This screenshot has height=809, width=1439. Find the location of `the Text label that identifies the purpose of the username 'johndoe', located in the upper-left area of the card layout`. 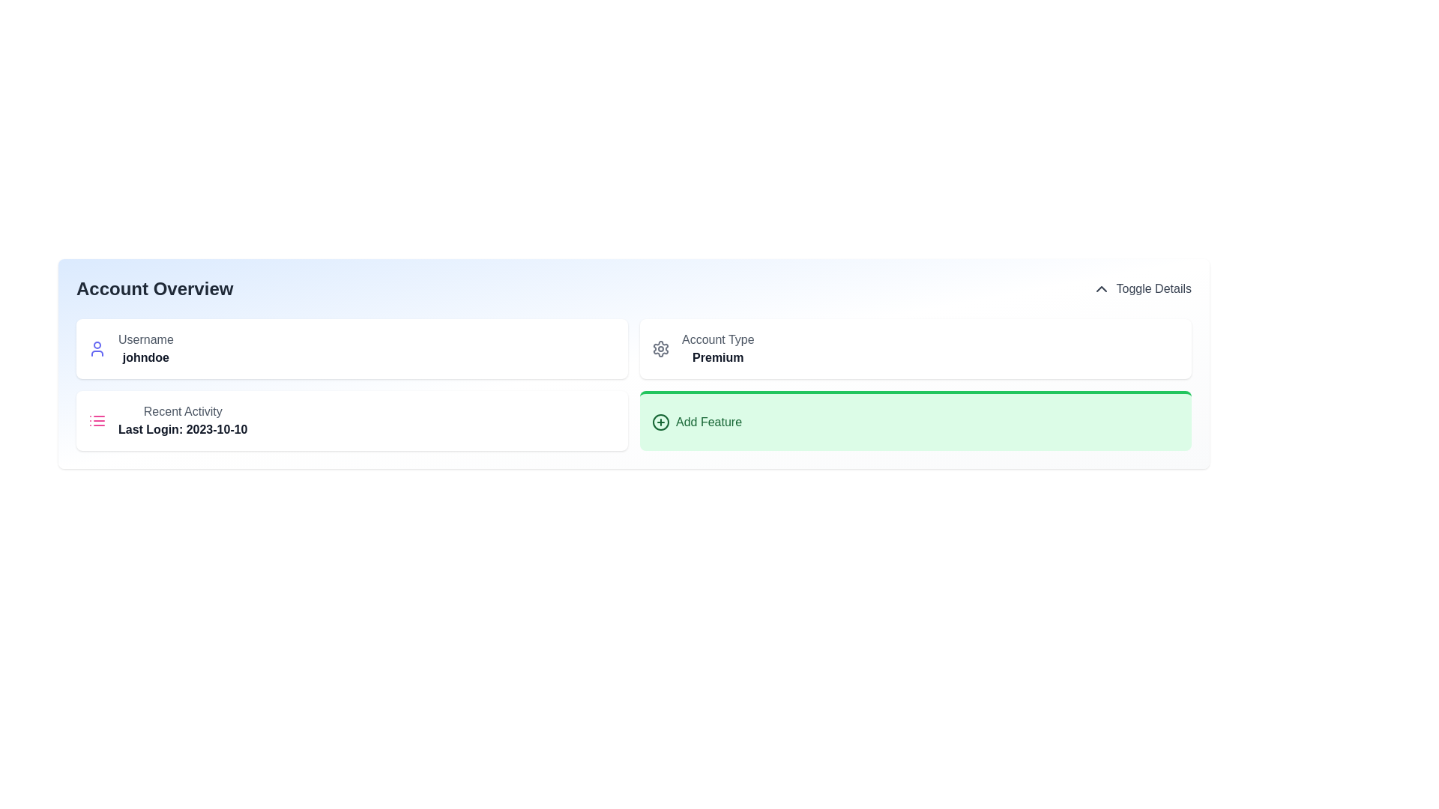

the Text label that identifies the purpose of the username 'johndoe', located in the upper-left area of the card layout is located at coordinates (145, 340).